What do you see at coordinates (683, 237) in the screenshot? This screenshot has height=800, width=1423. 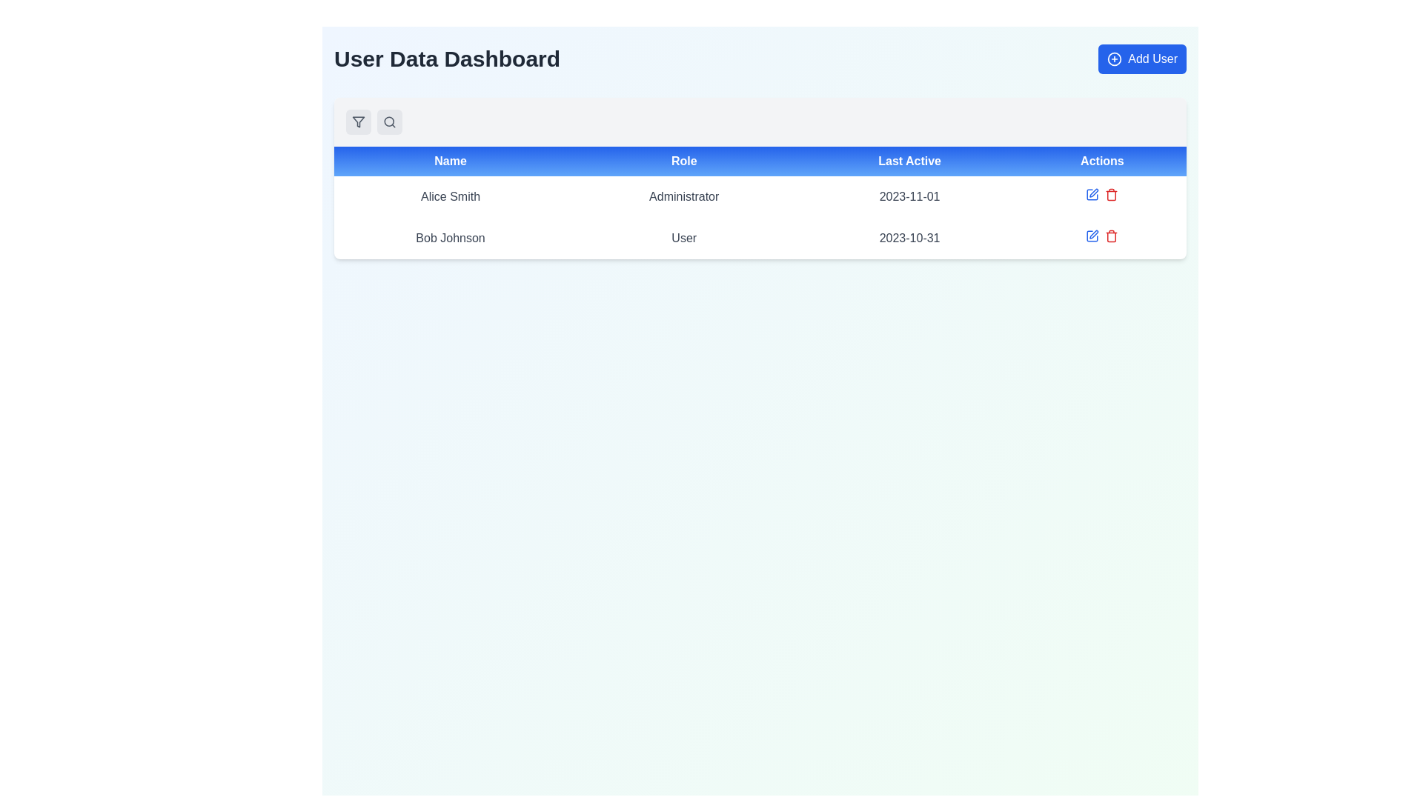 I see `the text label displaying 'User' which is located in the center column of the data table under the 'Role' heading` at bounding box center [683, 237].